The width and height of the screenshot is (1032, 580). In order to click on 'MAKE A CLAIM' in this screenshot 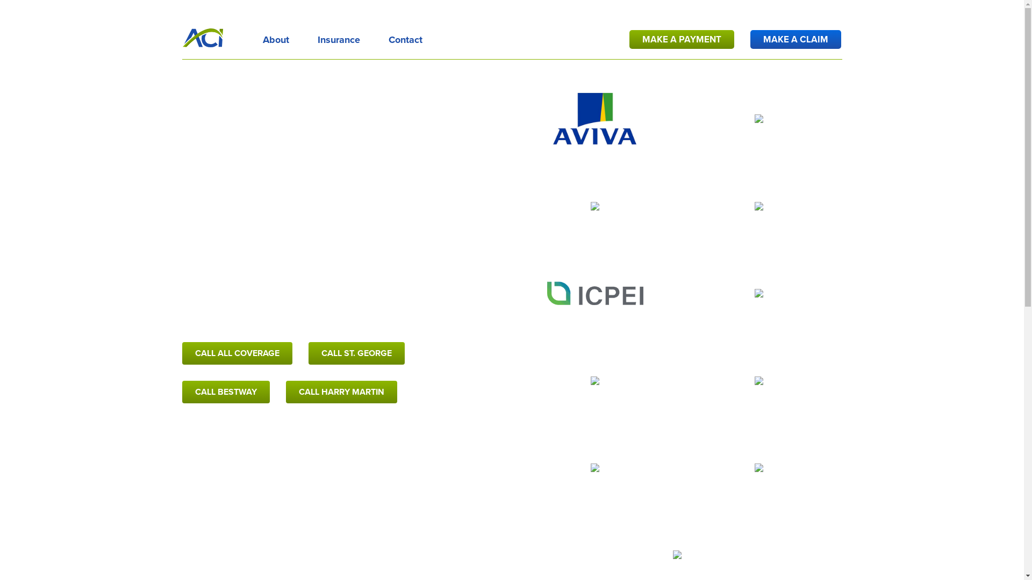, I will do `click(795, 39)`.